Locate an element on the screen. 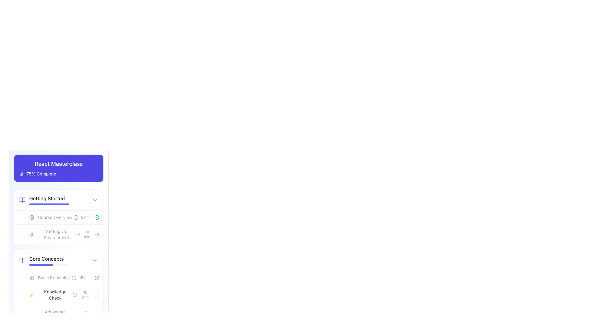 This screenshot has height=336, width=598. the first list item under the 'Getting Started' section to view the duration information is located at coordinates (59, 217).